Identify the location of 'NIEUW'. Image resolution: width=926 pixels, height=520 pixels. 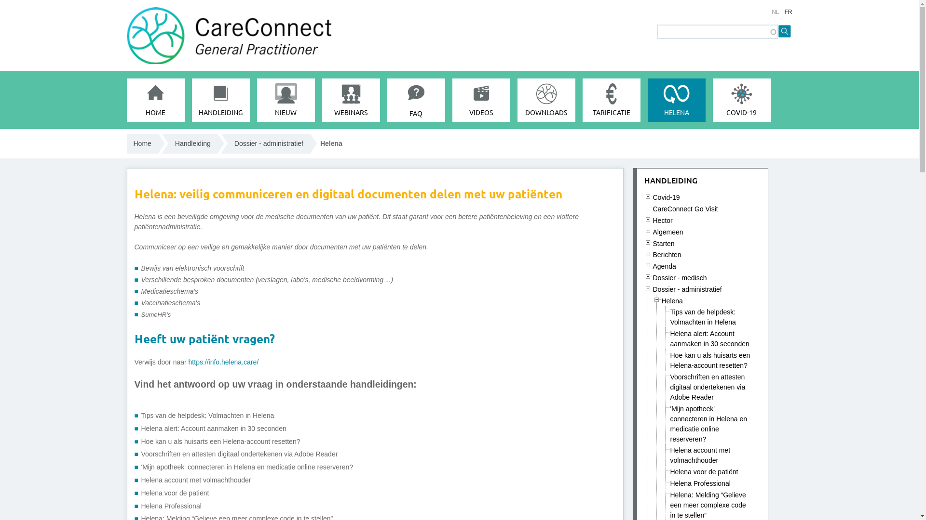
(257, 100).